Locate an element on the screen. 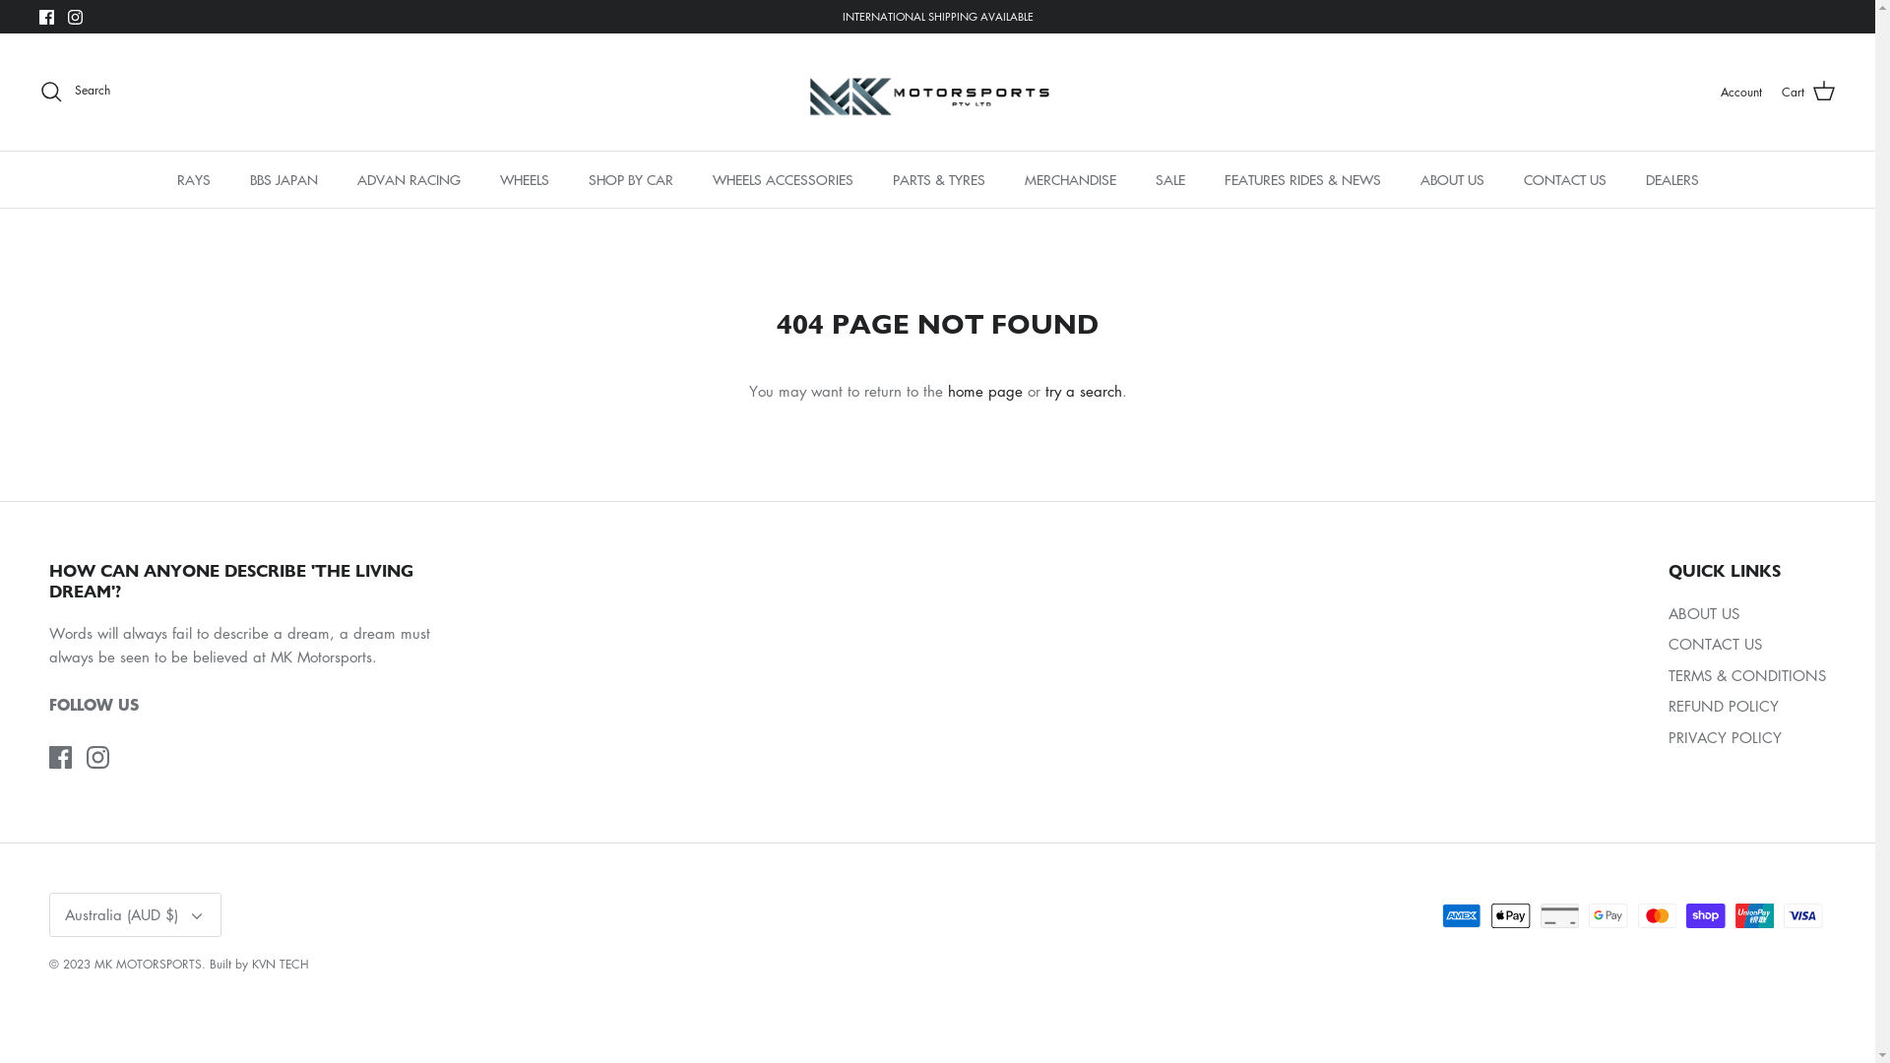  'MERCHANDISE' is located at coordinates (1006, 179).